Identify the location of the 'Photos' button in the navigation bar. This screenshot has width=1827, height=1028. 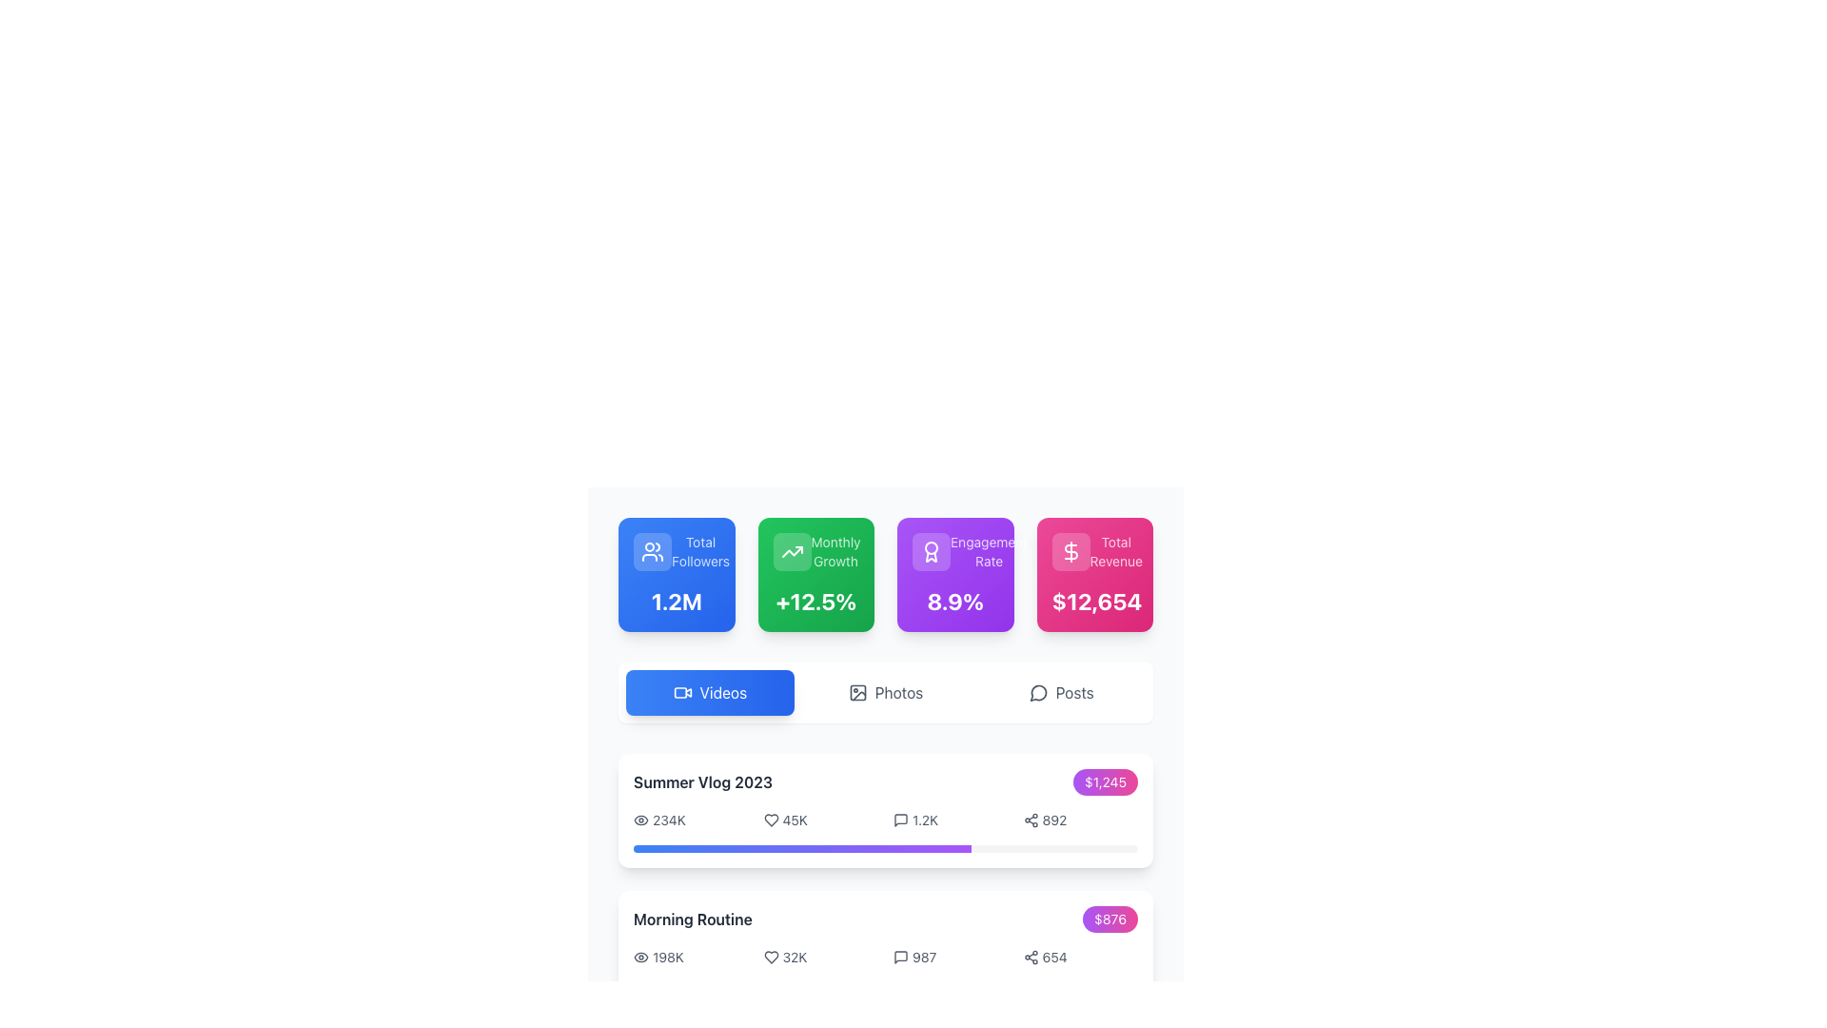
(885, 693).